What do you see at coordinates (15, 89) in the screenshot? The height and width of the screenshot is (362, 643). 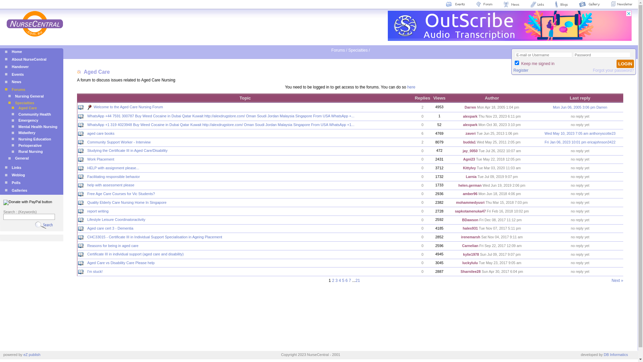 I see `'Forums'` at bounding box center [15, 89].